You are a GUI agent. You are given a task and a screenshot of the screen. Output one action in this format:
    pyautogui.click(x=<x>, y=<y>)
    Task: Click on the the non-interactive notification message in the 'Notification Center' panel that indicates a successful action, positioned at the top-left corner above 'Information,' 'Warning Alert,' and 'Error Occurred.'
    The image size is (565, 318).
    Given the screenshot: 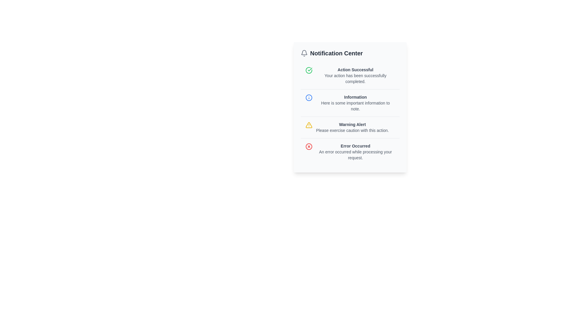 What is the action you would take?
    pyautogui.click(x=350, y=75)
    